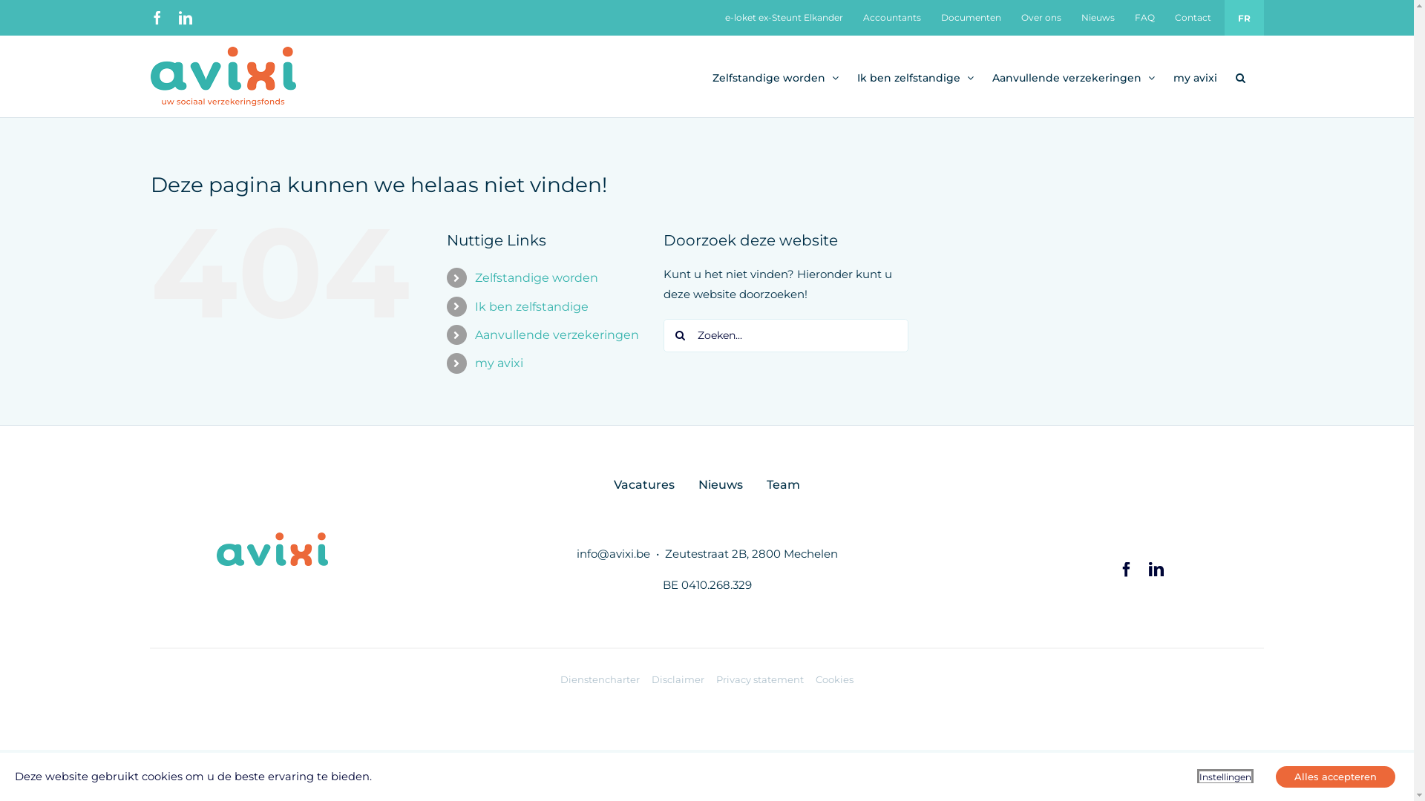  I want to click on 'Facebook', so click(1118, 568).